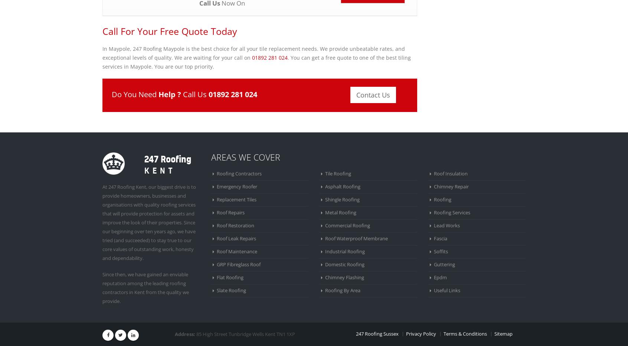 This screenshot has width=628, height=346. Describe the element at coordinates (245, 156) in the screenshot. I see `'AREAS WE COVER'` at that location.